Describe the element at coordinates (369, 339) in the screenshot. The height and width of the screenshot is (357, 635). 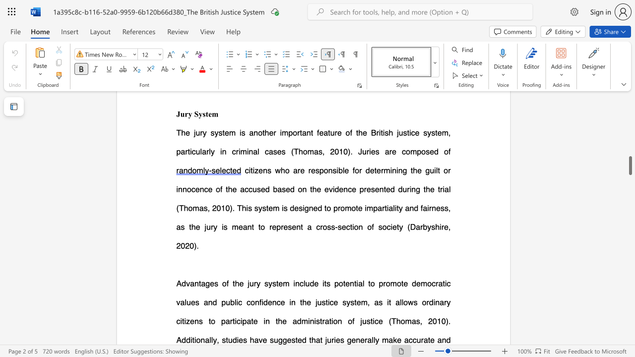
I see `the 1th character "a" in the text` at that location.